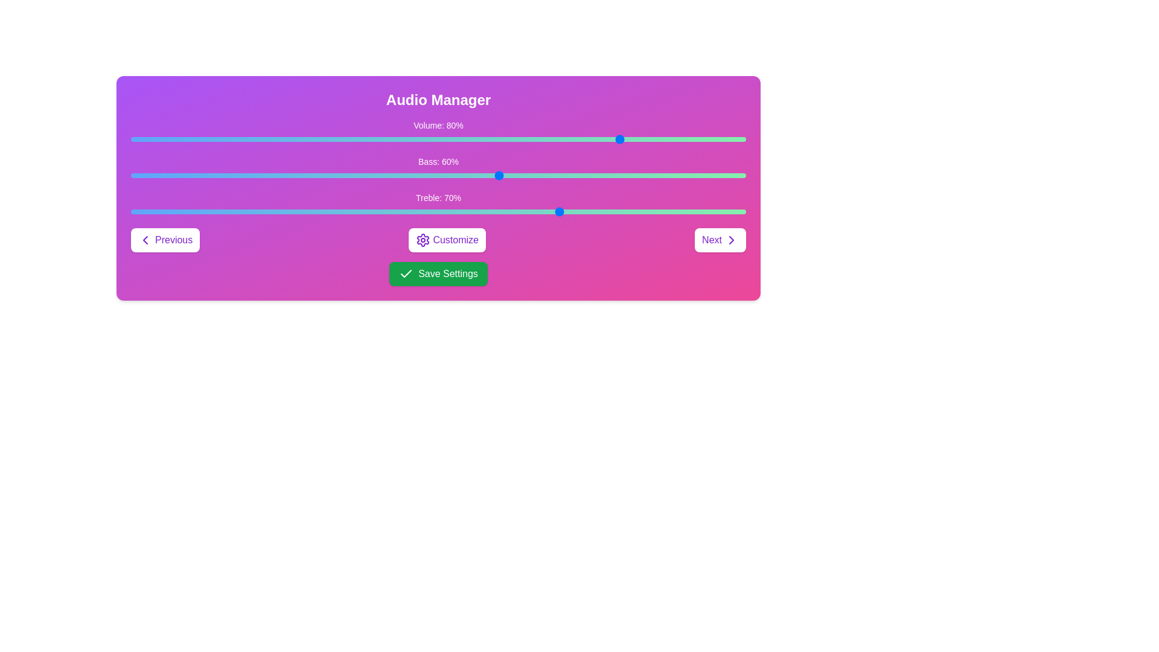  What do you see at coordinates (389, 211) in the screenshot?
I see `the slider` at bounding box center [389, 211].